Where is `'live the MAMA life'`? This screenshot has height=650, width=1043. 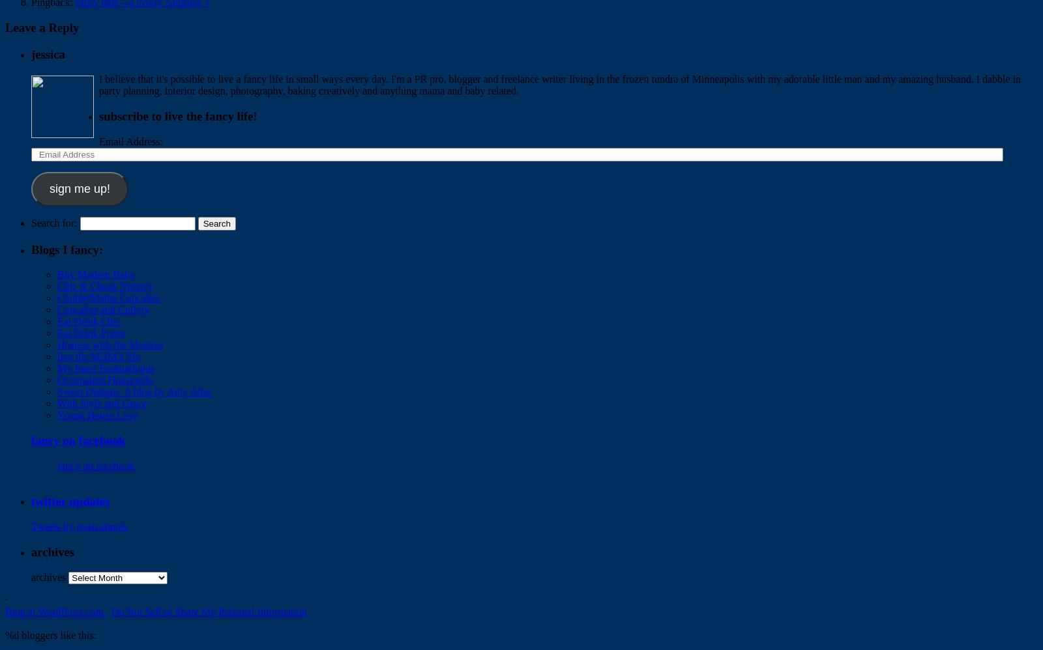
'live the MAMA life' is located at coordinates (98, 356).